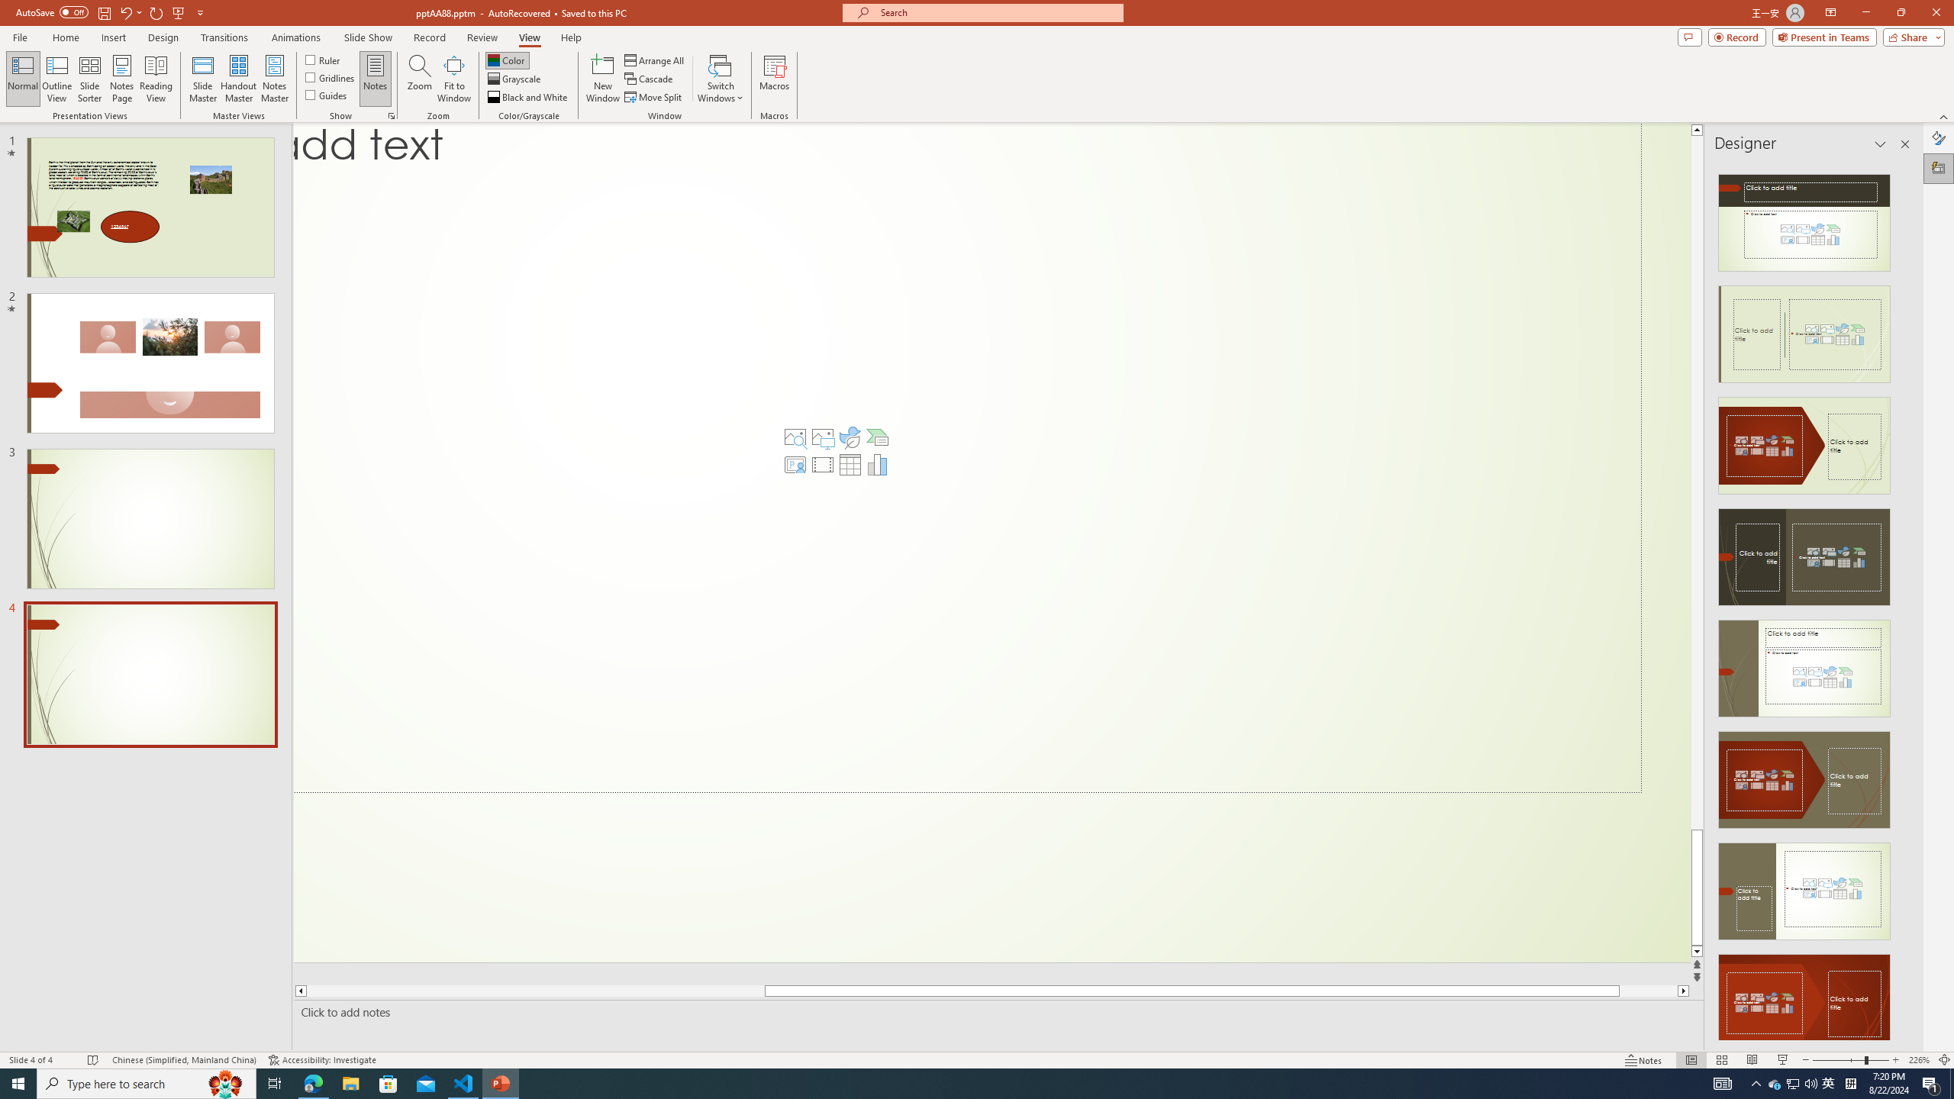 This screenshot has height=1099, width=1954. What do you see at coordinates (653, 97) in the screenshot?
I see `'Move Split'` at bounding box center [653, 97].